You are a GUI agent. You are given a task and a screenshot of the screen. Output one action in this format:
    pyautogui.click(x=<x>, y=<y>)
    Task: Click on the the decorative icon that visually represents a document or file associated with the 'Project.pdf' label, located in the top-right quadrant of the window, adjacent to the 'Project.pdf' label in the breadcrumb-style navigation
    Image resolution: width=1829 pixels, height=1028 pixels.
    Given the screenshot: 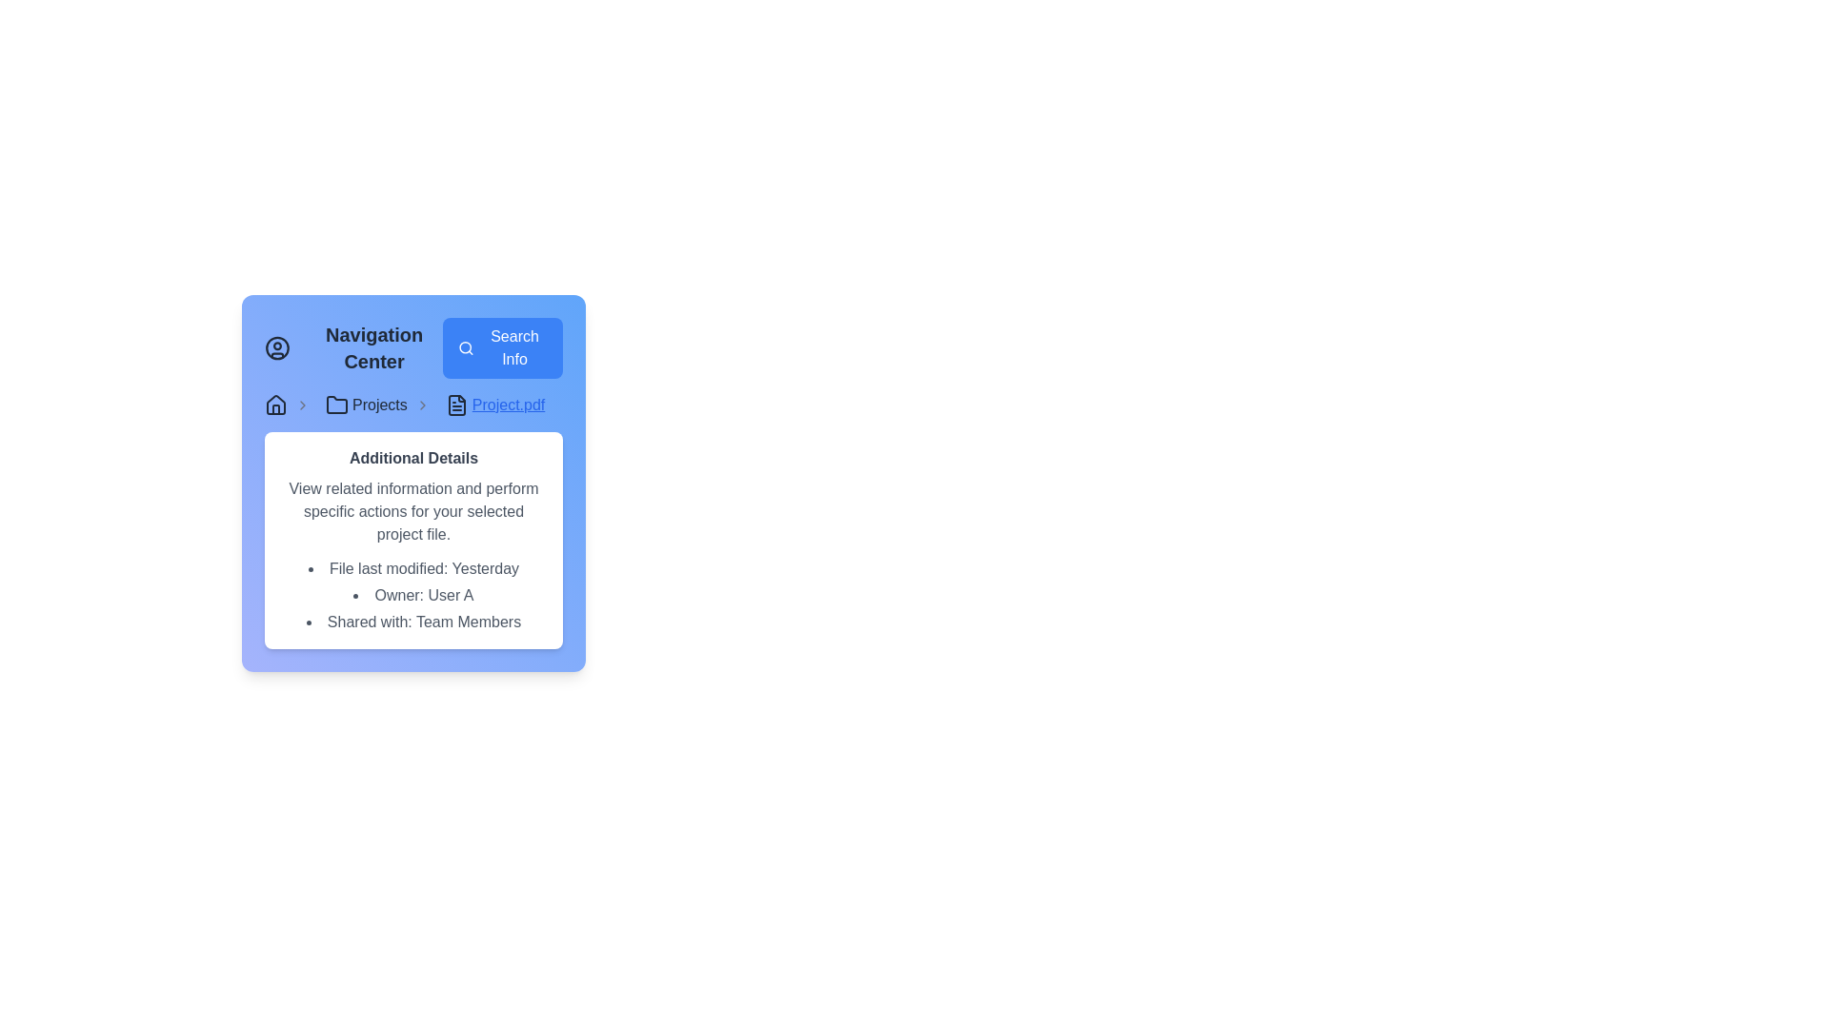 What is the action you would take?
    pyautogui.click(x=455, y=404)
    